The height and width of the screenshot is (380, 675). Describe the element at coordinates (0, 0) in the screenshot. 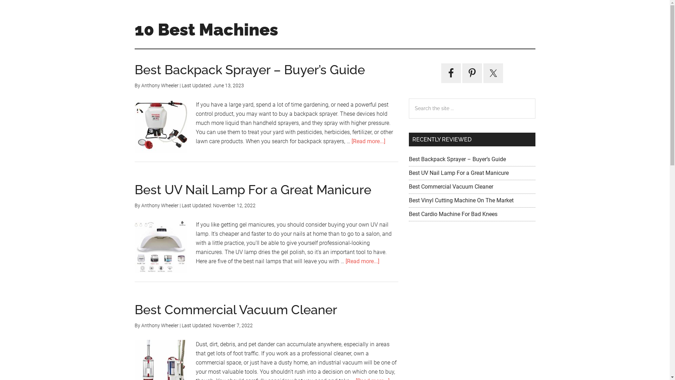

I see `'Skip to main content'` at that location.